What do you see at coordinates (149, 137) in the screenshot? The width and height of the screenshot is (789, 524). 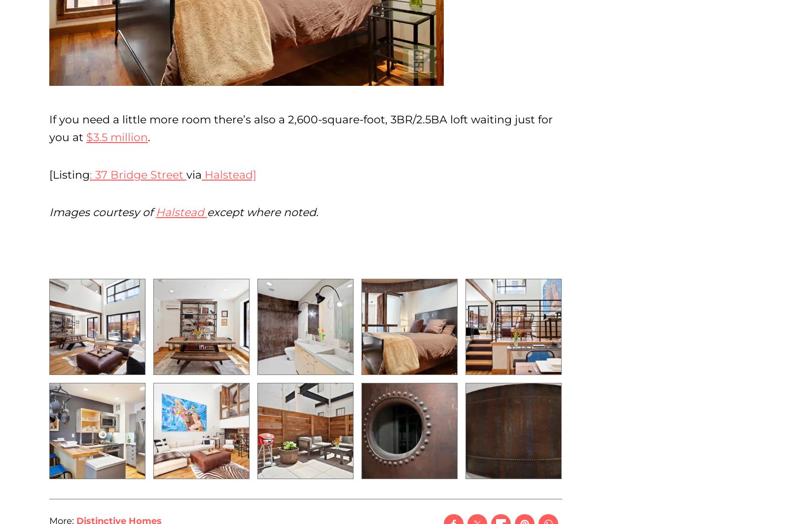 I see `'.'` at bounding box center [149, 137].